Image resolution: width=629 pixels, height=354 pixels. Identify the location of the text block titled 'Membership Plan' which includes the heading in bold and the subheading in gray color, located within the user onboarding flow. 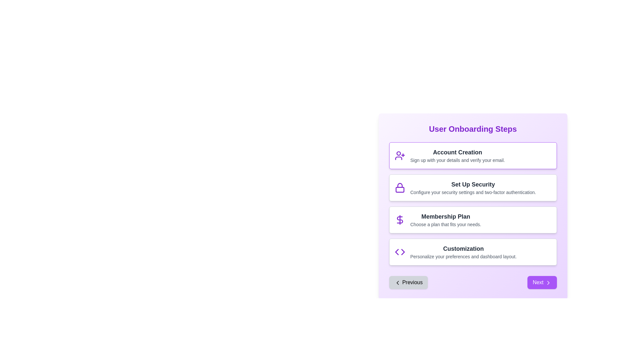
(446, 220).